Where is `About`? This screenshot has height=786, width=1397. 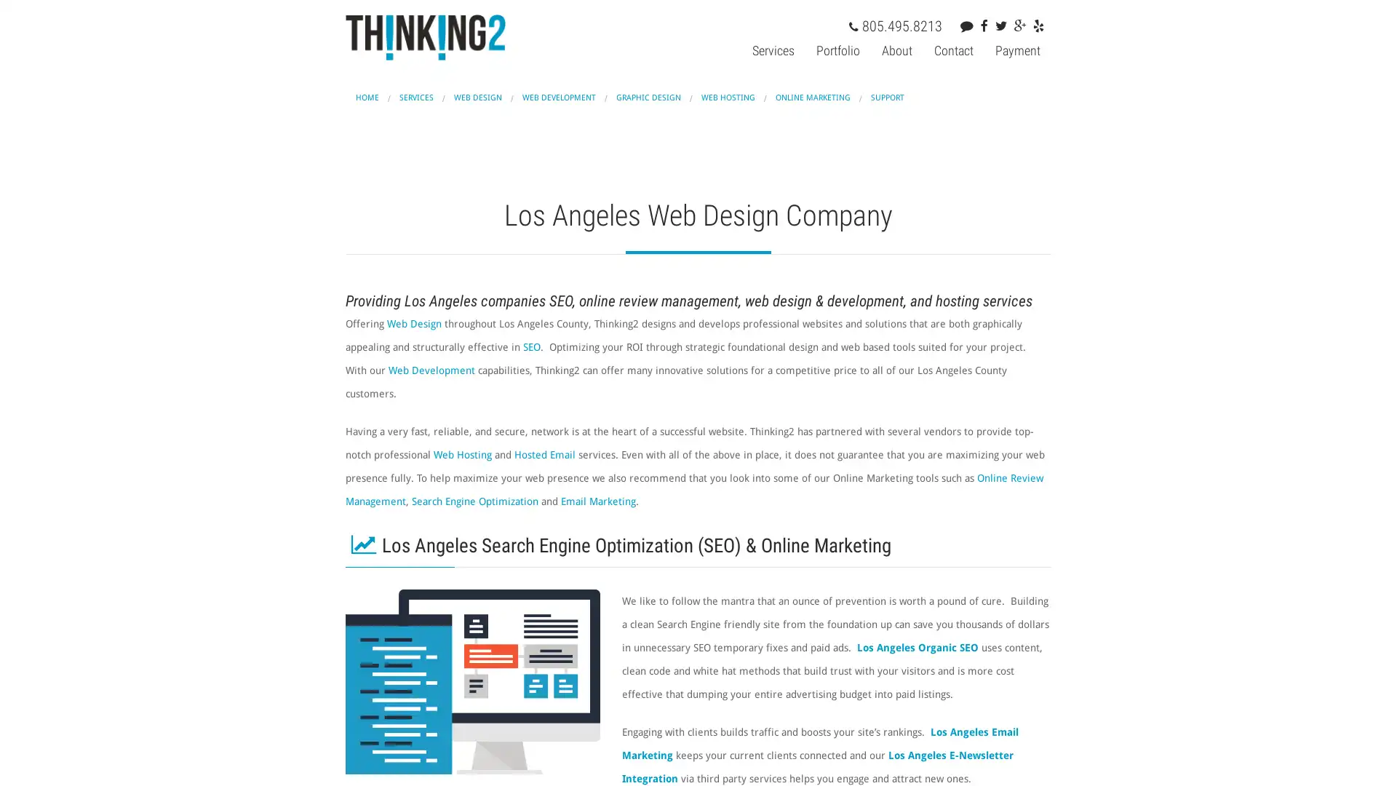 About is located at coordinates (896, 49).